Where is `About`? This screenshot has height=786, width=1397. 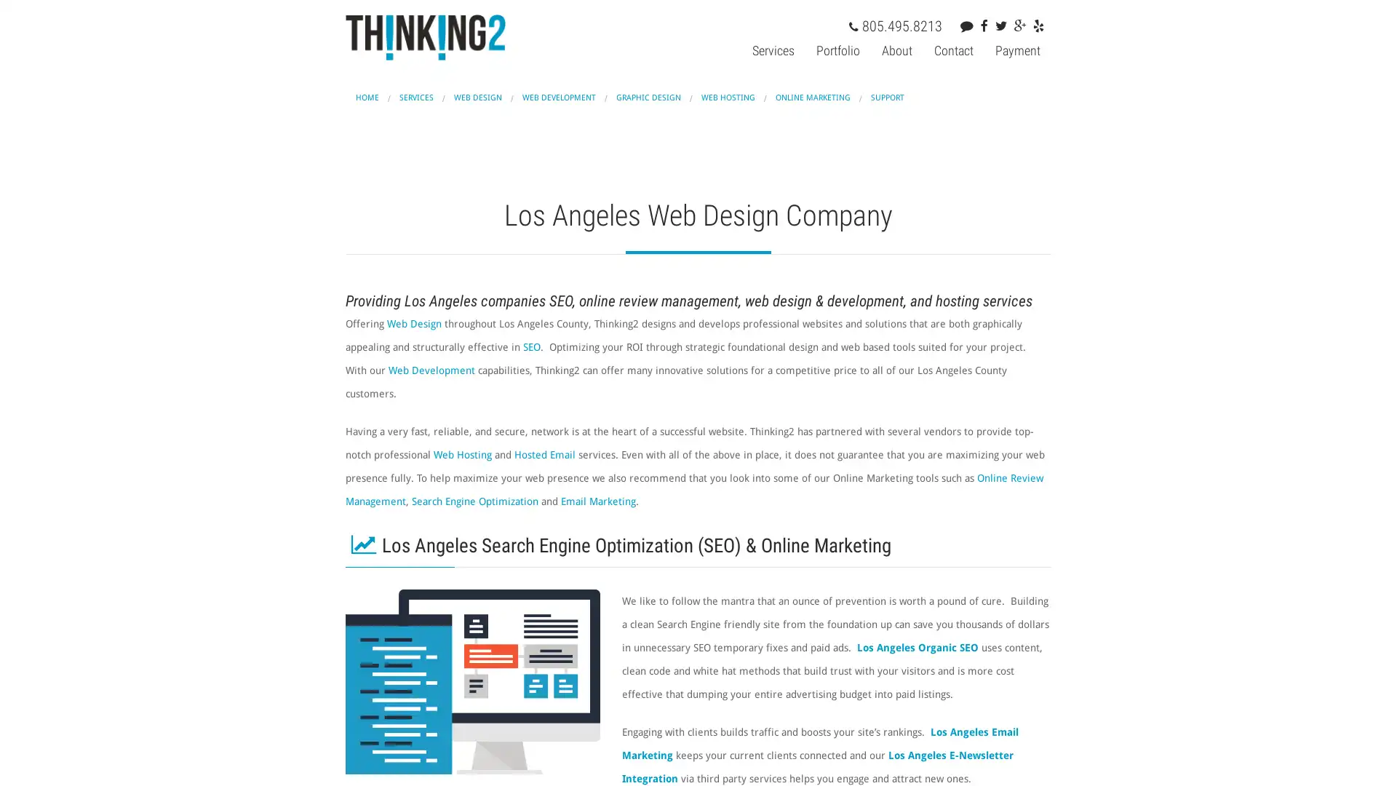 About is located at coordinates (896, 49).